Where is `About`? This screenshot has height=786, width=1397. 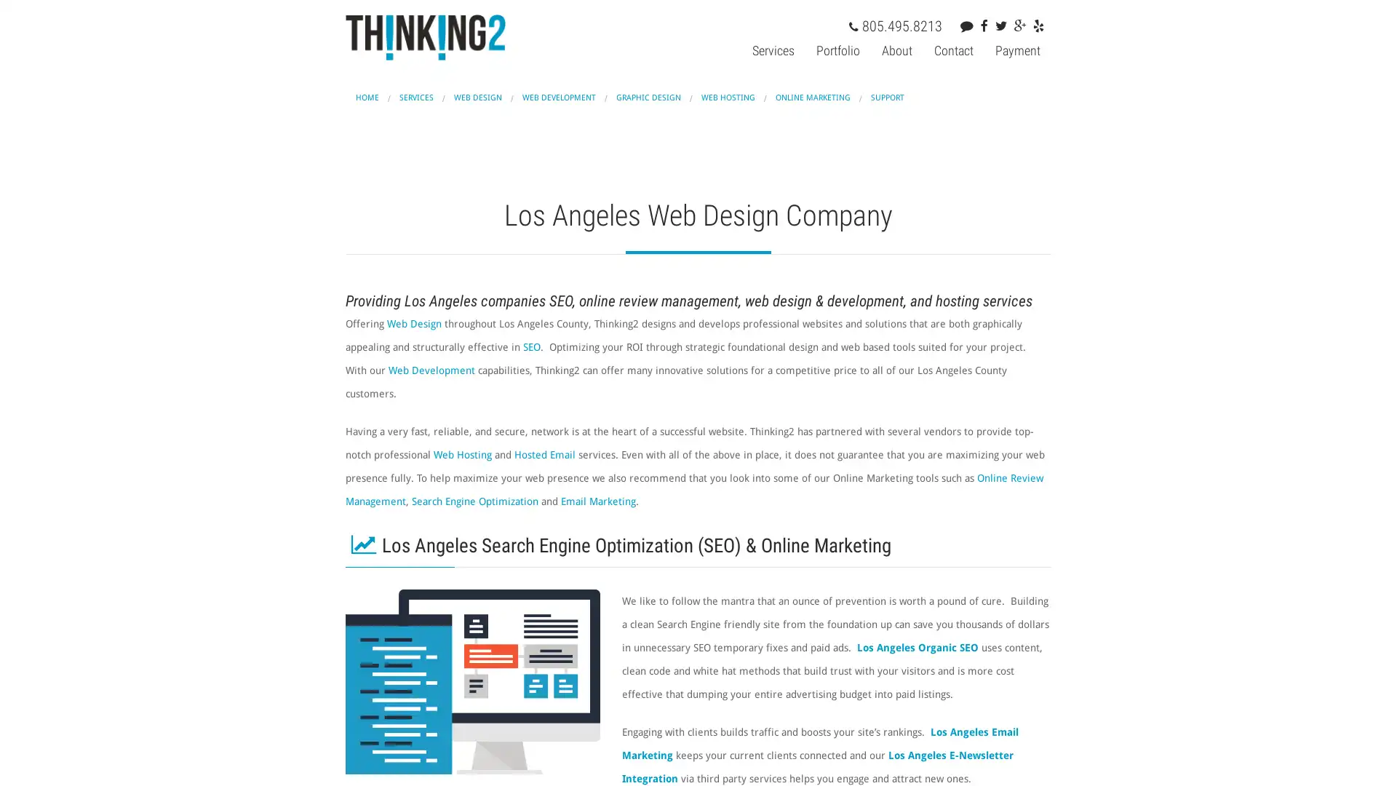 About is located at coordinates (896, 49).